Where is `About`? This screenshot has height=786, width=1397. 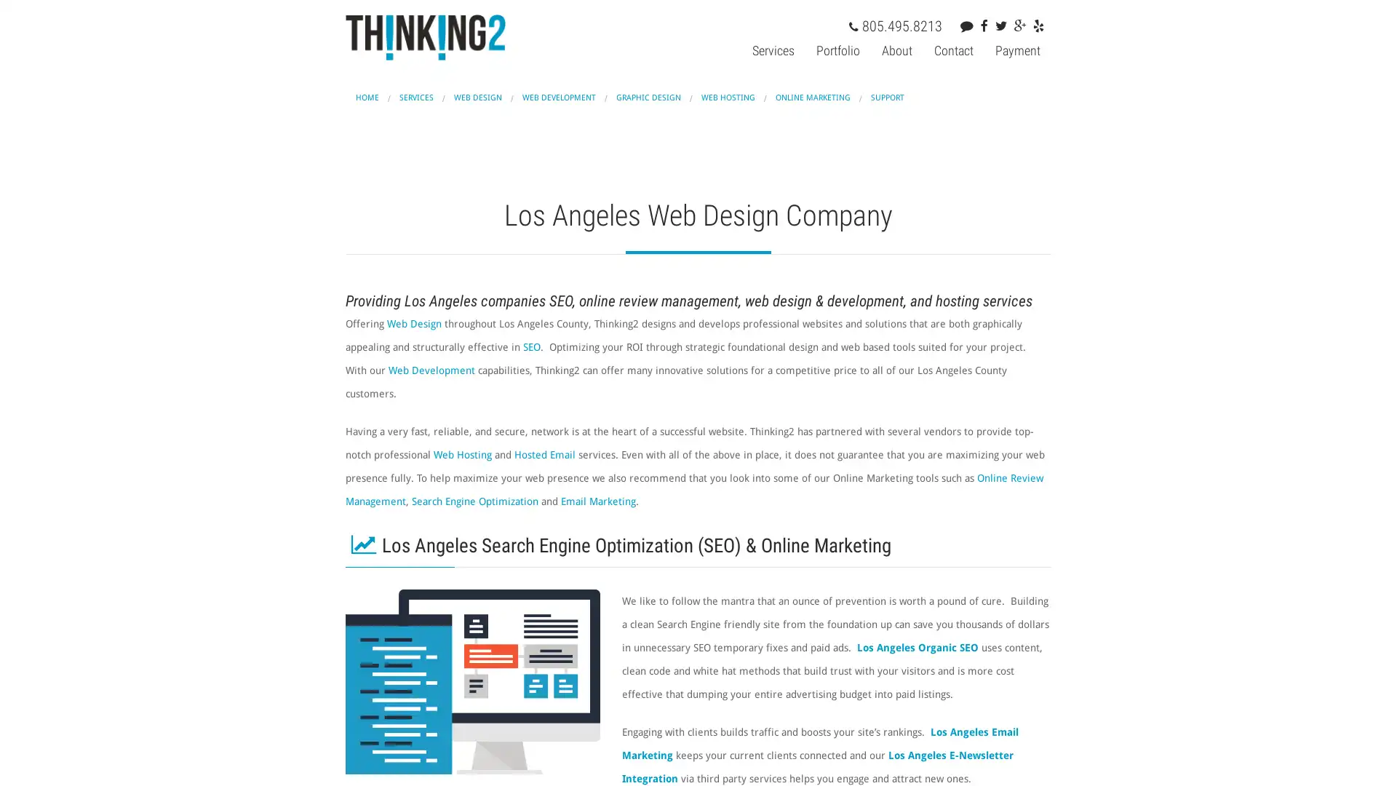 About is located at coordinates (896, 49).